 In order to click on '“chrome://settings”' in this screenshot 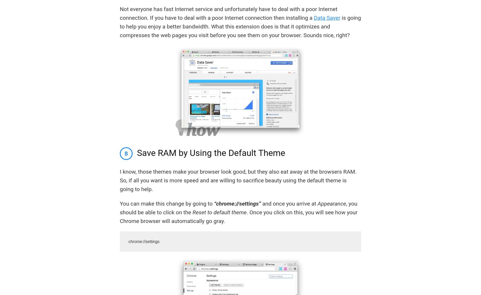, I will do `click(214, 204)`.